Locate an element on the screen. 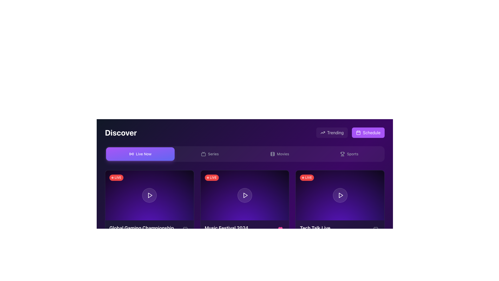 The width and height of the screenshot is (499, 281). the user engagement metrics represented by the icon-label pair located in the 'Music' section, specifically the third segment indicating views or participants is located at coordinates (240, 240).